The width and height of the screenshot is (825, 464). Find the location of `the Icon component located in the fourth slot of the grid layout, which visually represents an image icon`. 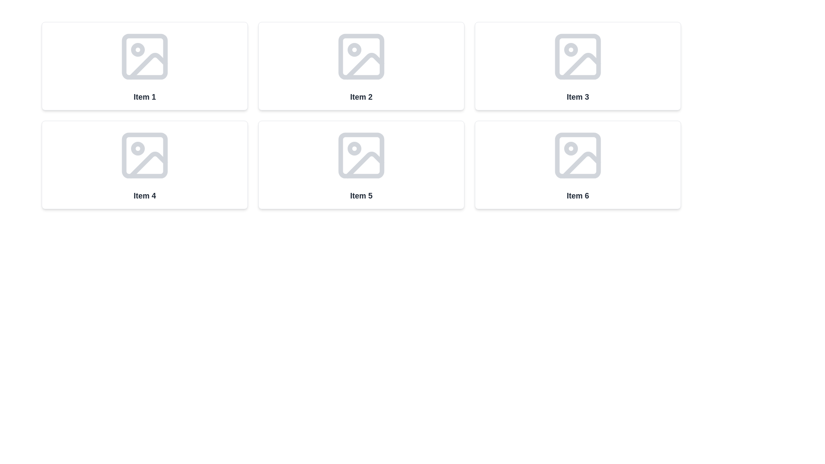

the Icon component located in the fourth slot of the grid layout, which visually represents an image icon is located at coordinates (144, 156).